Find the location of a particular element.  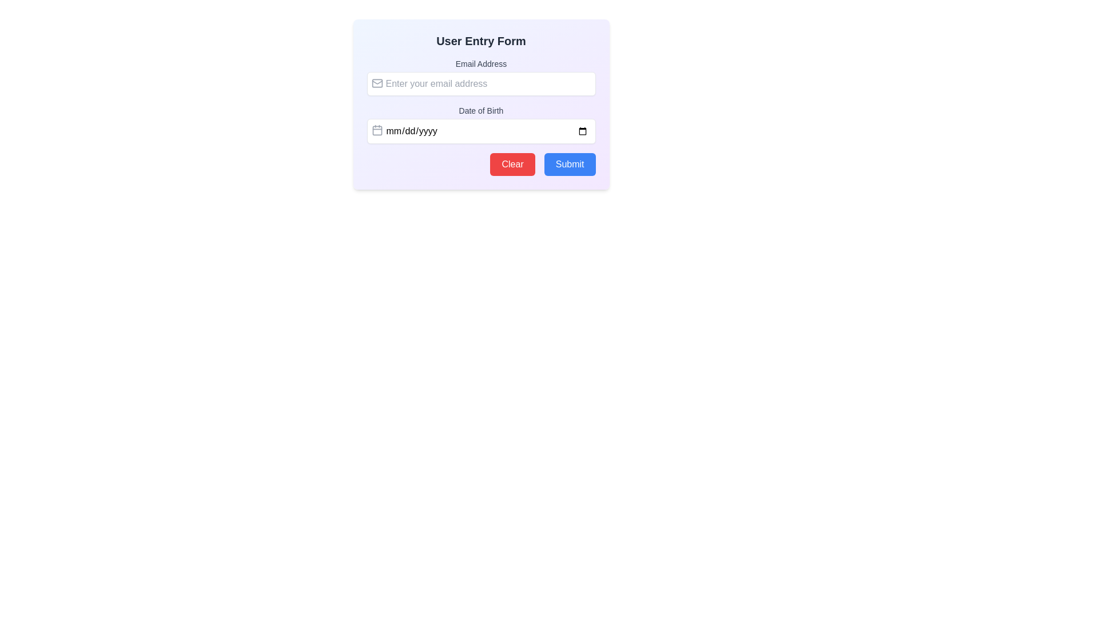

the calendar icon located to the immediate left of the 'Date of Birth' input field using accessibility tools is located at coordinates (377, 129).